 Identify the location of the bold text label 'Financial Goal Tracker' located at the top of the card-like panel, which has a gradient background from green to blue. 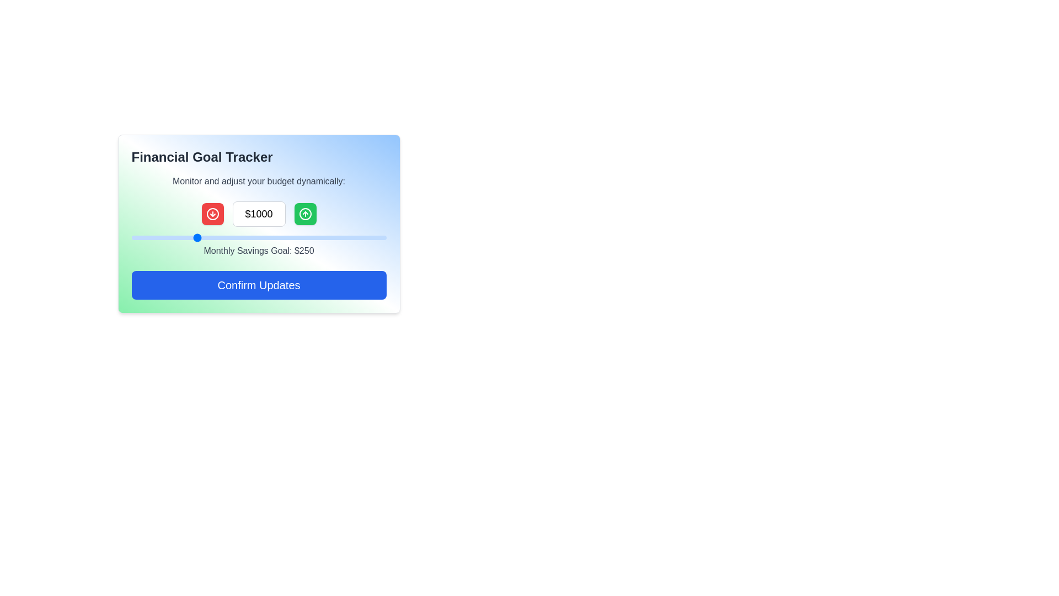
(258, 157).